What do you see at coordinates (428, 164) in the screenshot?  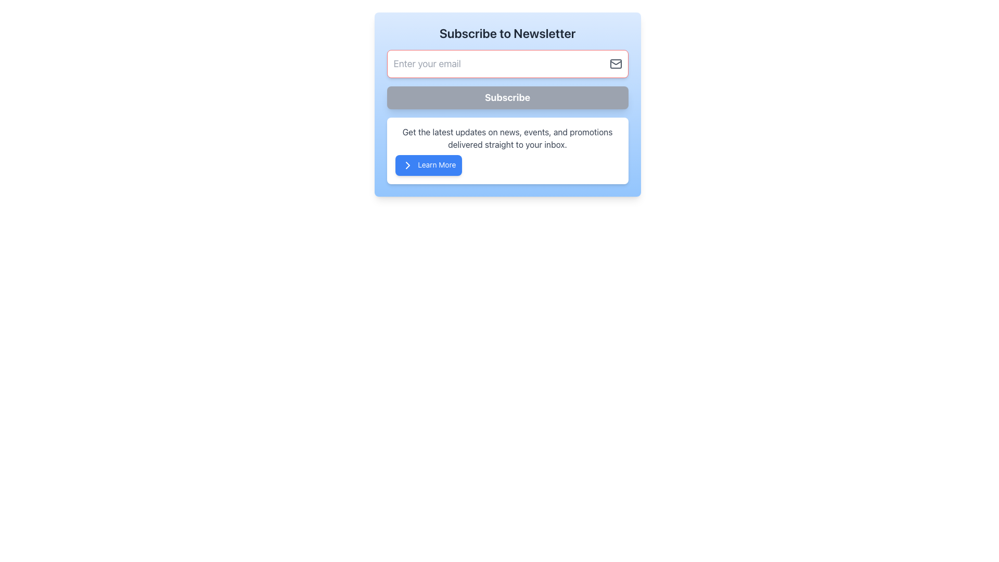 I see `the rectangular button with a blue background and white text that says 'Learn More', located at the bottom of the section about updates on news and promotions` at bounding box center [428, 164].